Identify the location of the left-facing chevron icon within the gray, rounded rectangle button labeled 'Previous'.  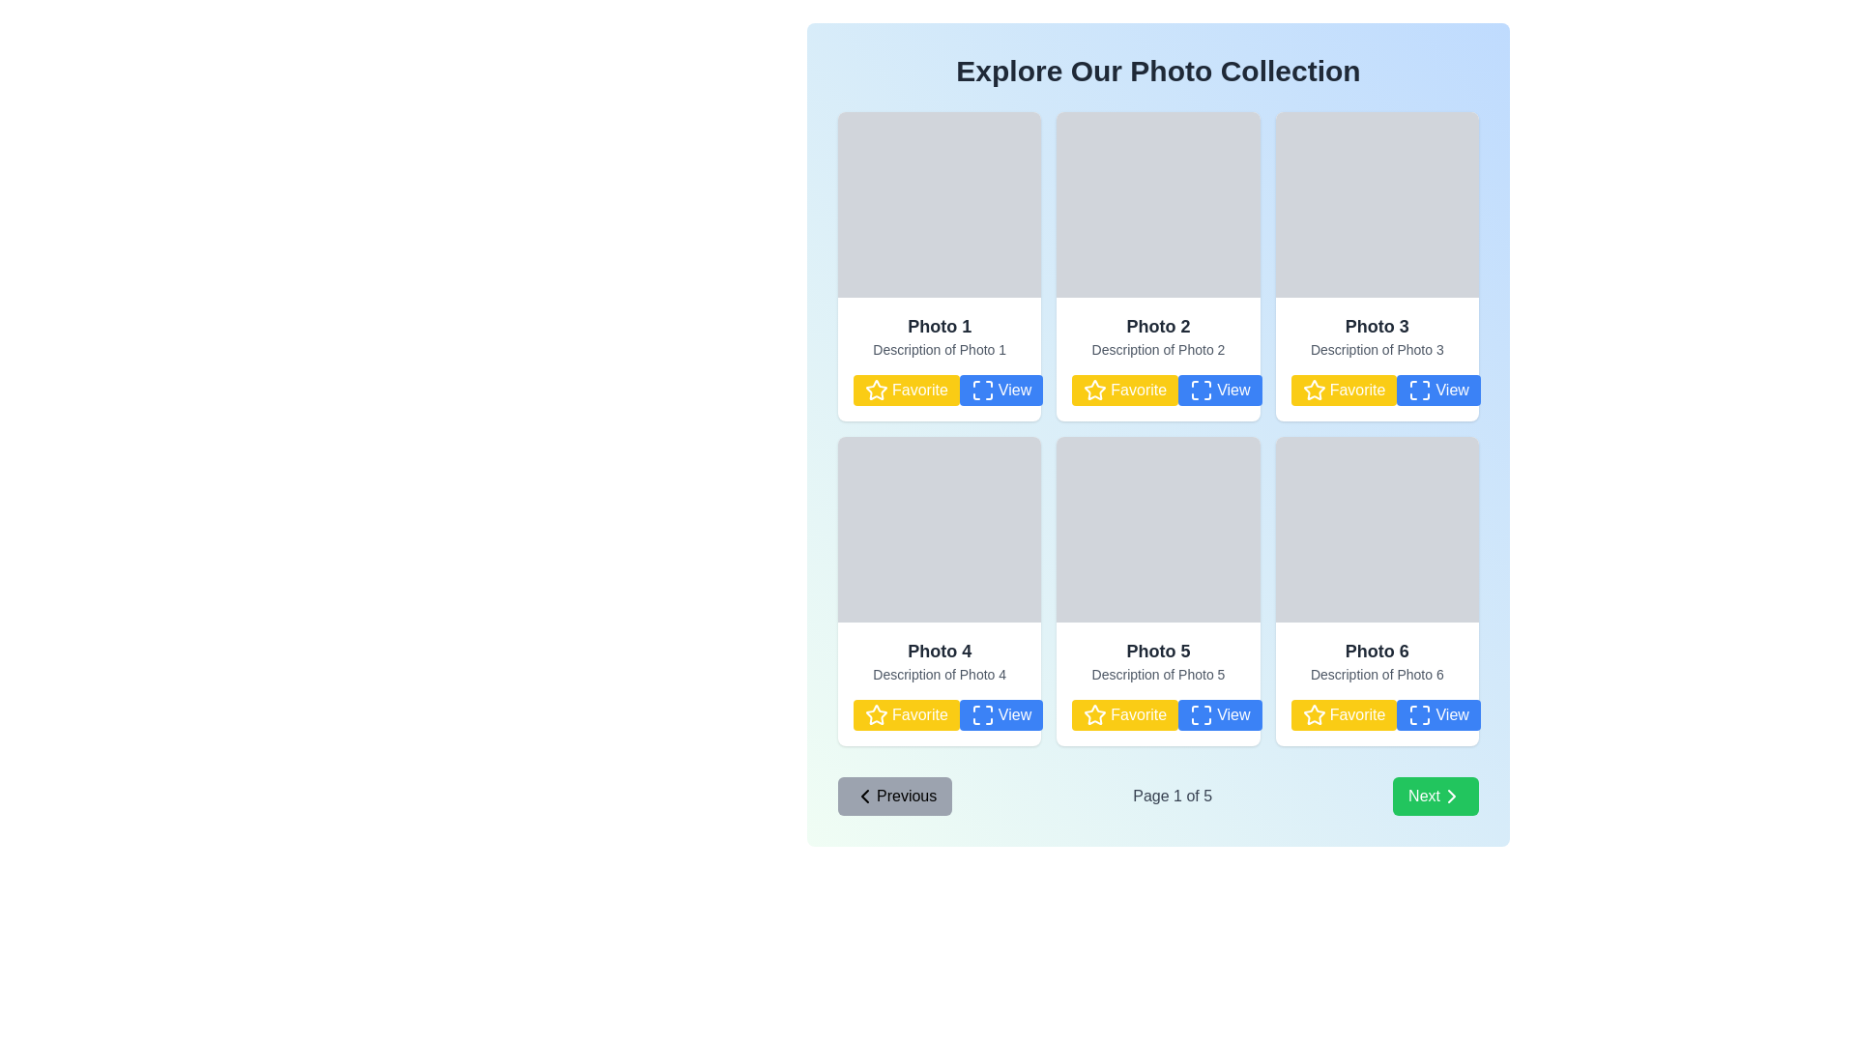
(863, 797).